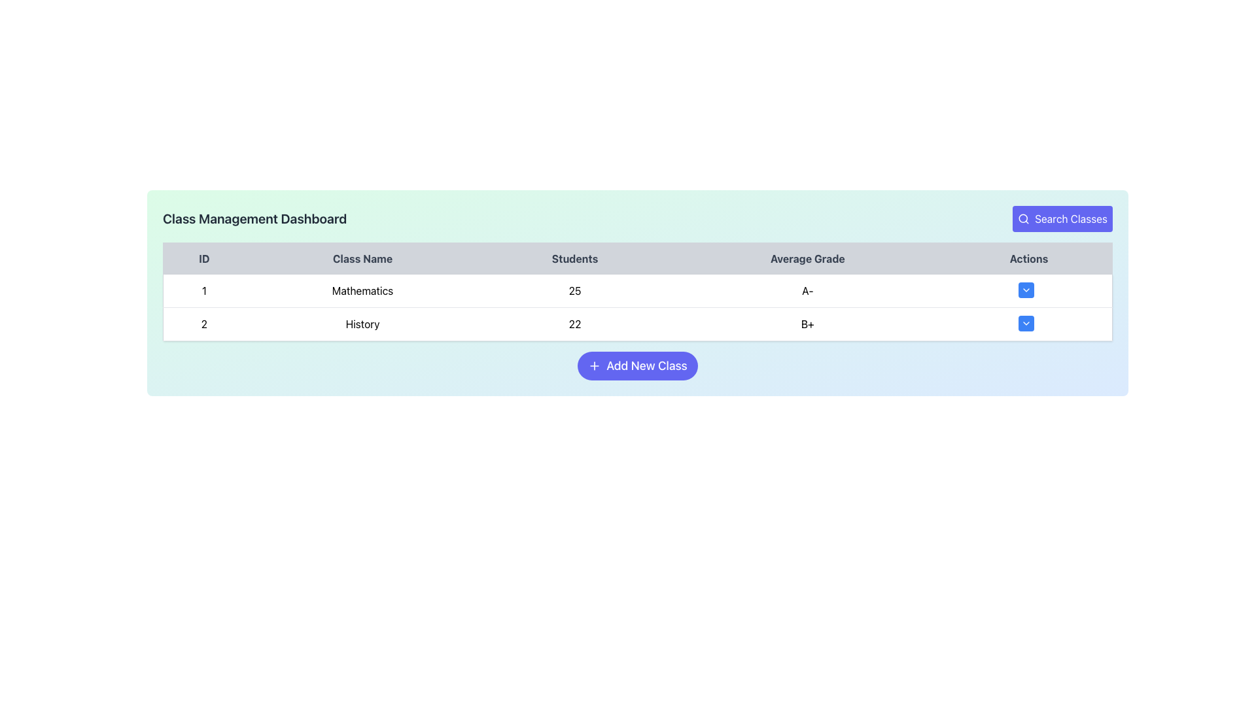  Describe the element at coordinates (574, 290) in the screenshot. I see `the text displaying the number of students enrolled in the 'Mathematics' class, located in the 'Students' column of the class management dashboard` at that location.